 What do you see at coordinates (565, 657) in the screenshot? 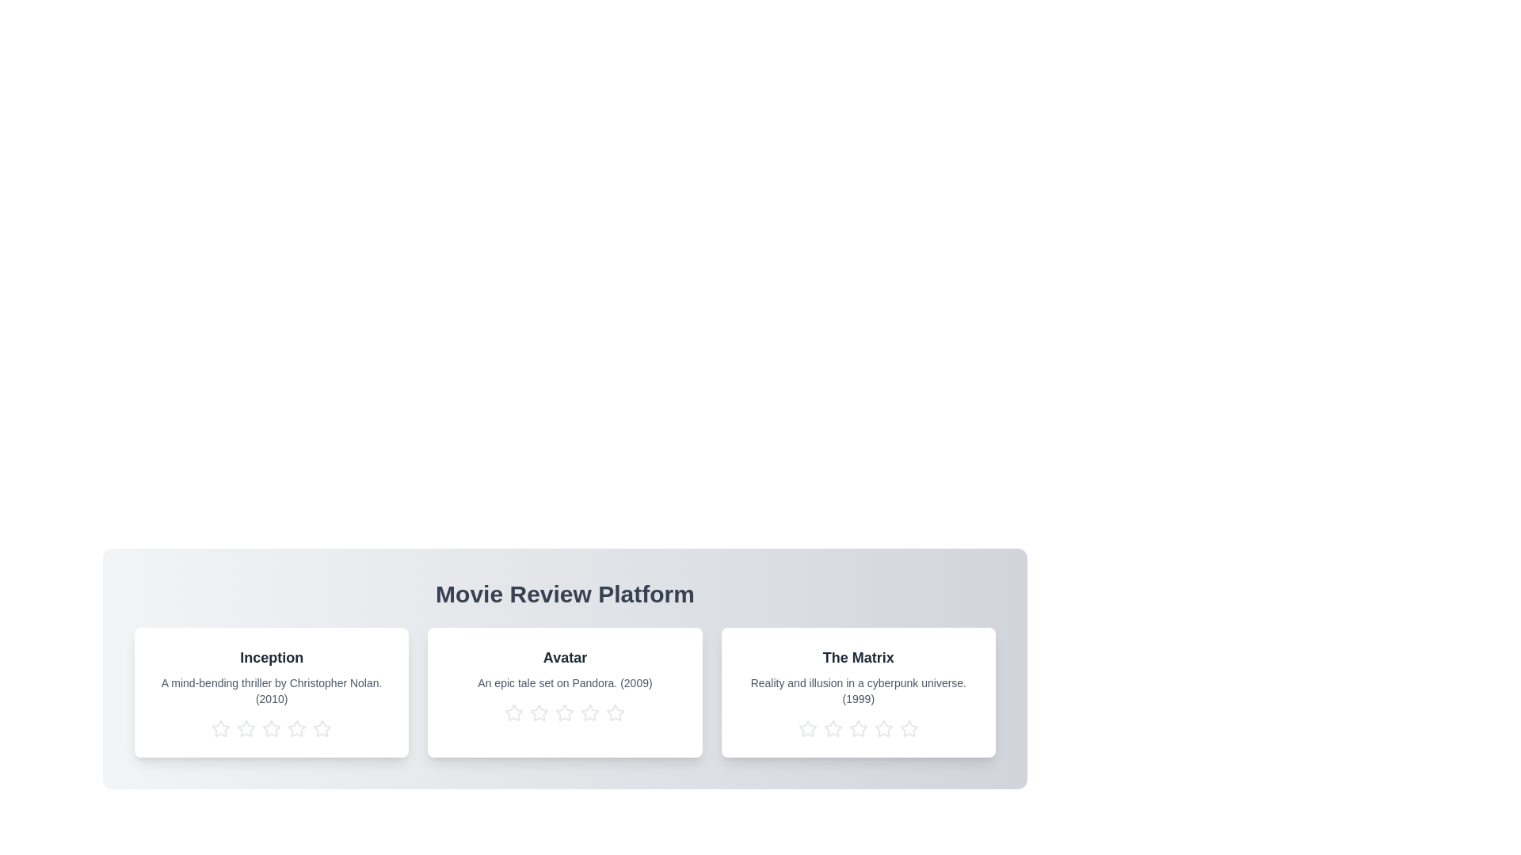
I see `the movie title Avatar to focus on its description` at bounding box center [565, 657].